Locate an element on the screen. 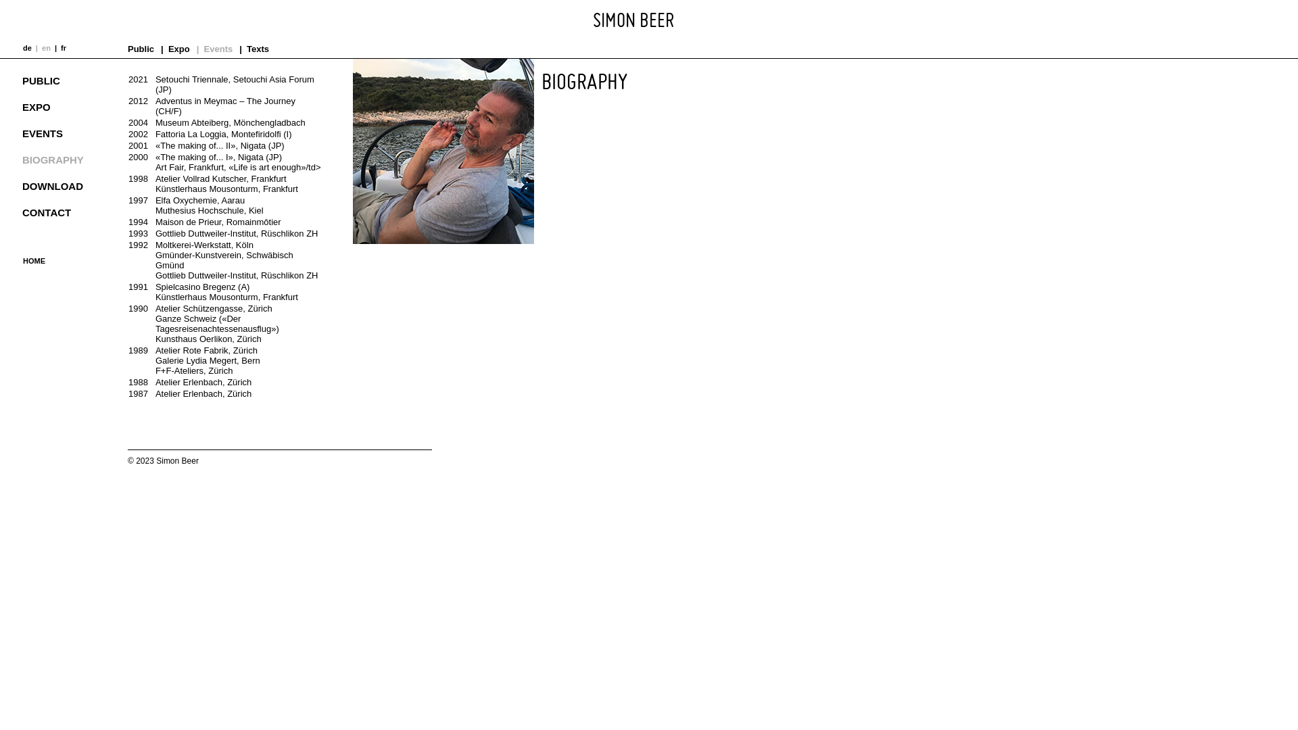 The width and height of the screenshot is (1298, 730). 'Events' is located at coordinates (218, 48).